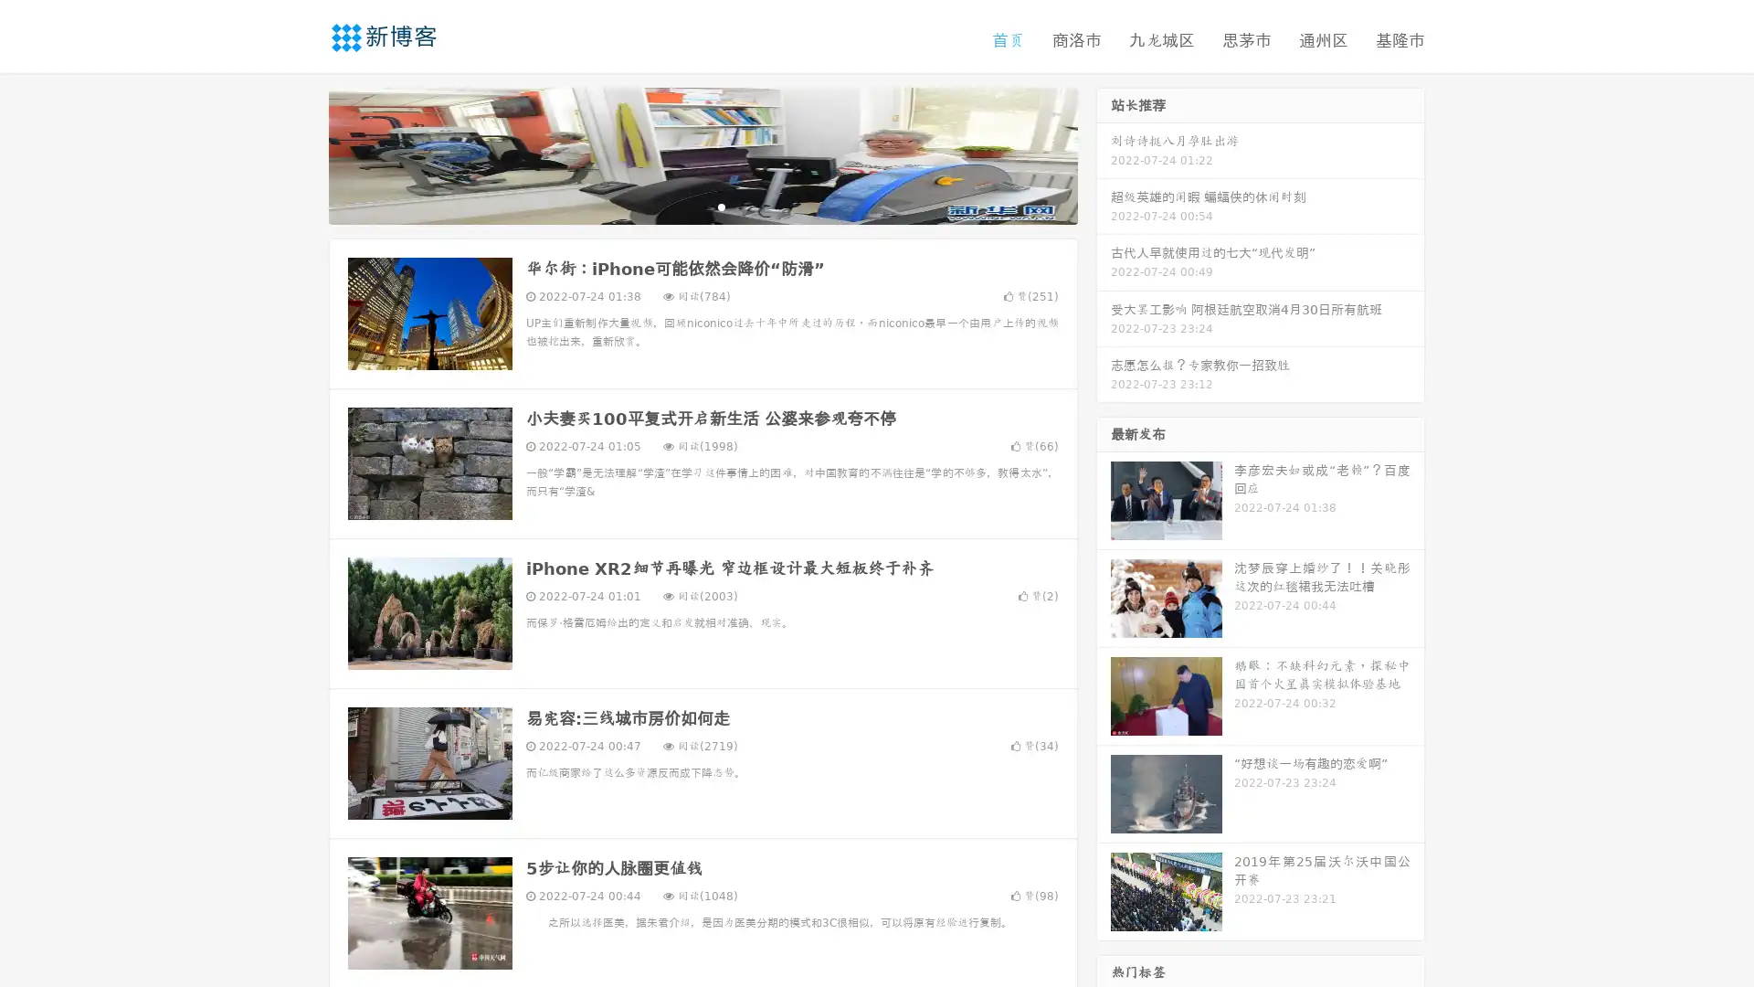 The width and height of the screenshot is (1754, 987). What do you see at coordinates (721, 206) in the screenshot?
I see `Go to slide 3` at bounding box center [721, 206].